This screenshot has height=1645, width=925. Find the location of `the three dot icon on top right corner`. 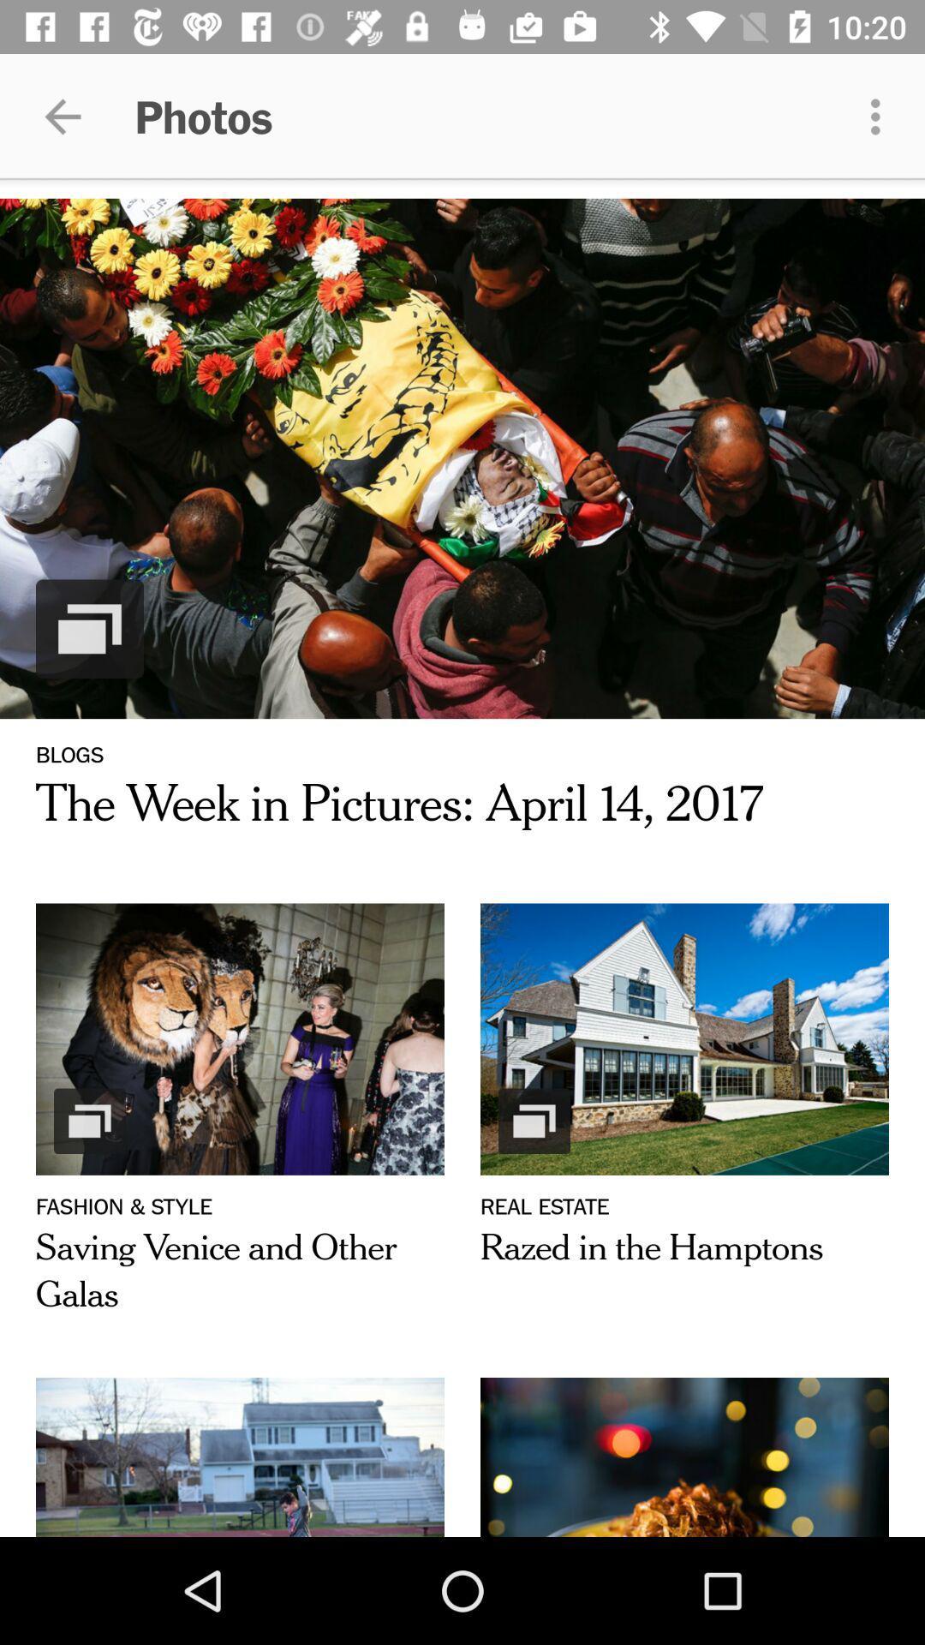

the three dot icon on top right corner is located at coordinates (880, 117).